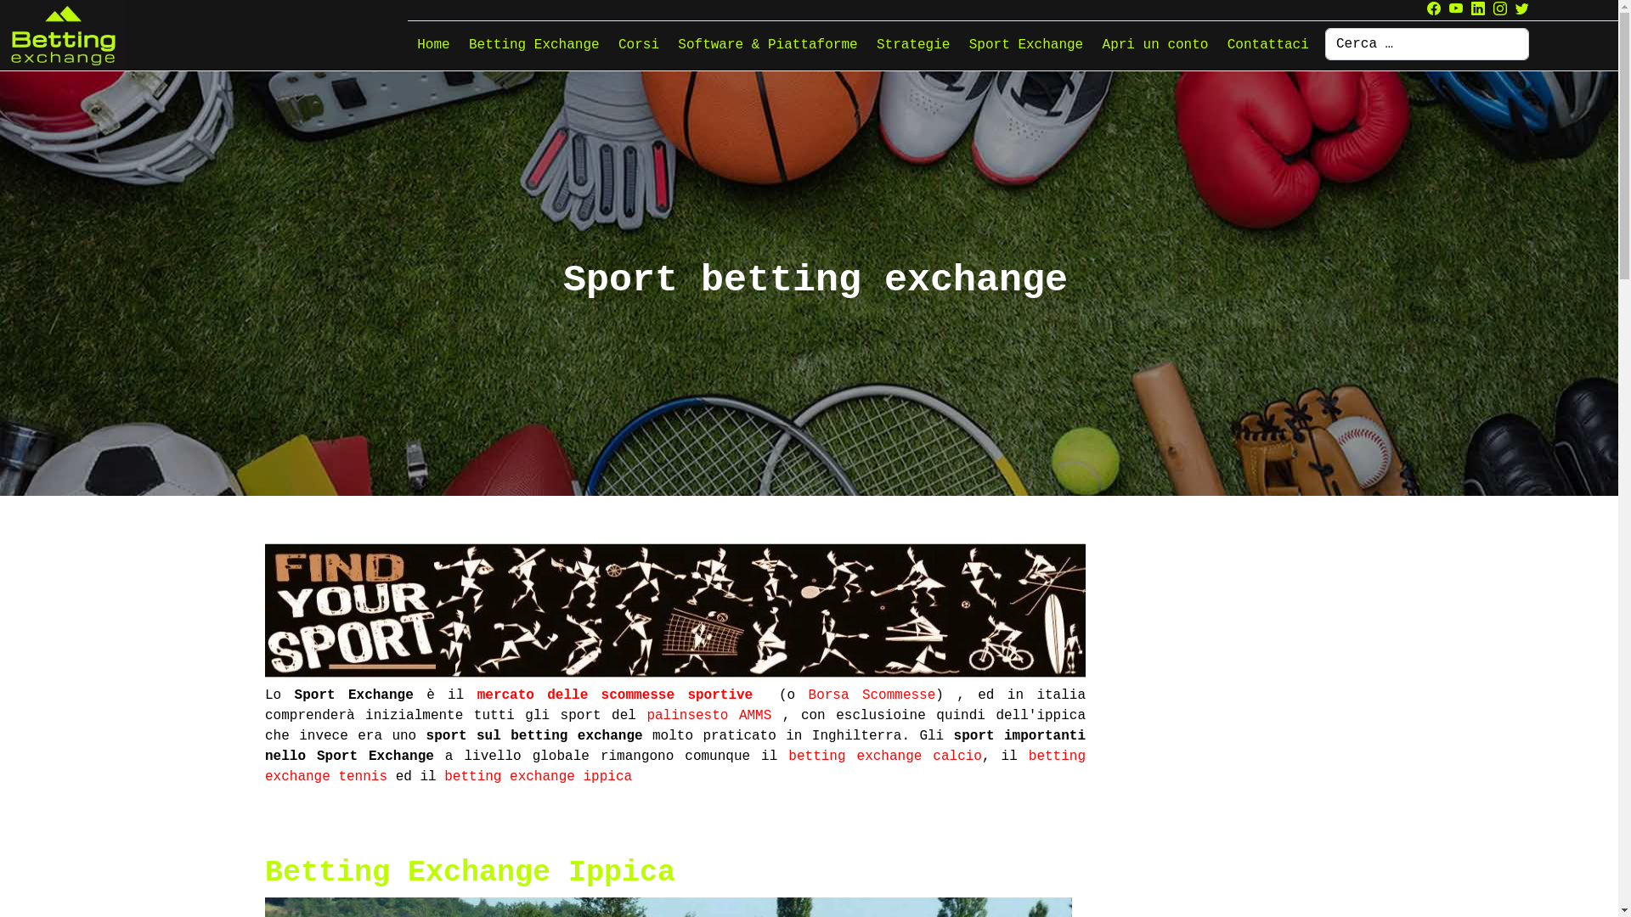 This screenshot has height=917, width=1631. Describe the element at coordinates (1500, 9) in the screenshot. I see `'Instagram'` at that location.